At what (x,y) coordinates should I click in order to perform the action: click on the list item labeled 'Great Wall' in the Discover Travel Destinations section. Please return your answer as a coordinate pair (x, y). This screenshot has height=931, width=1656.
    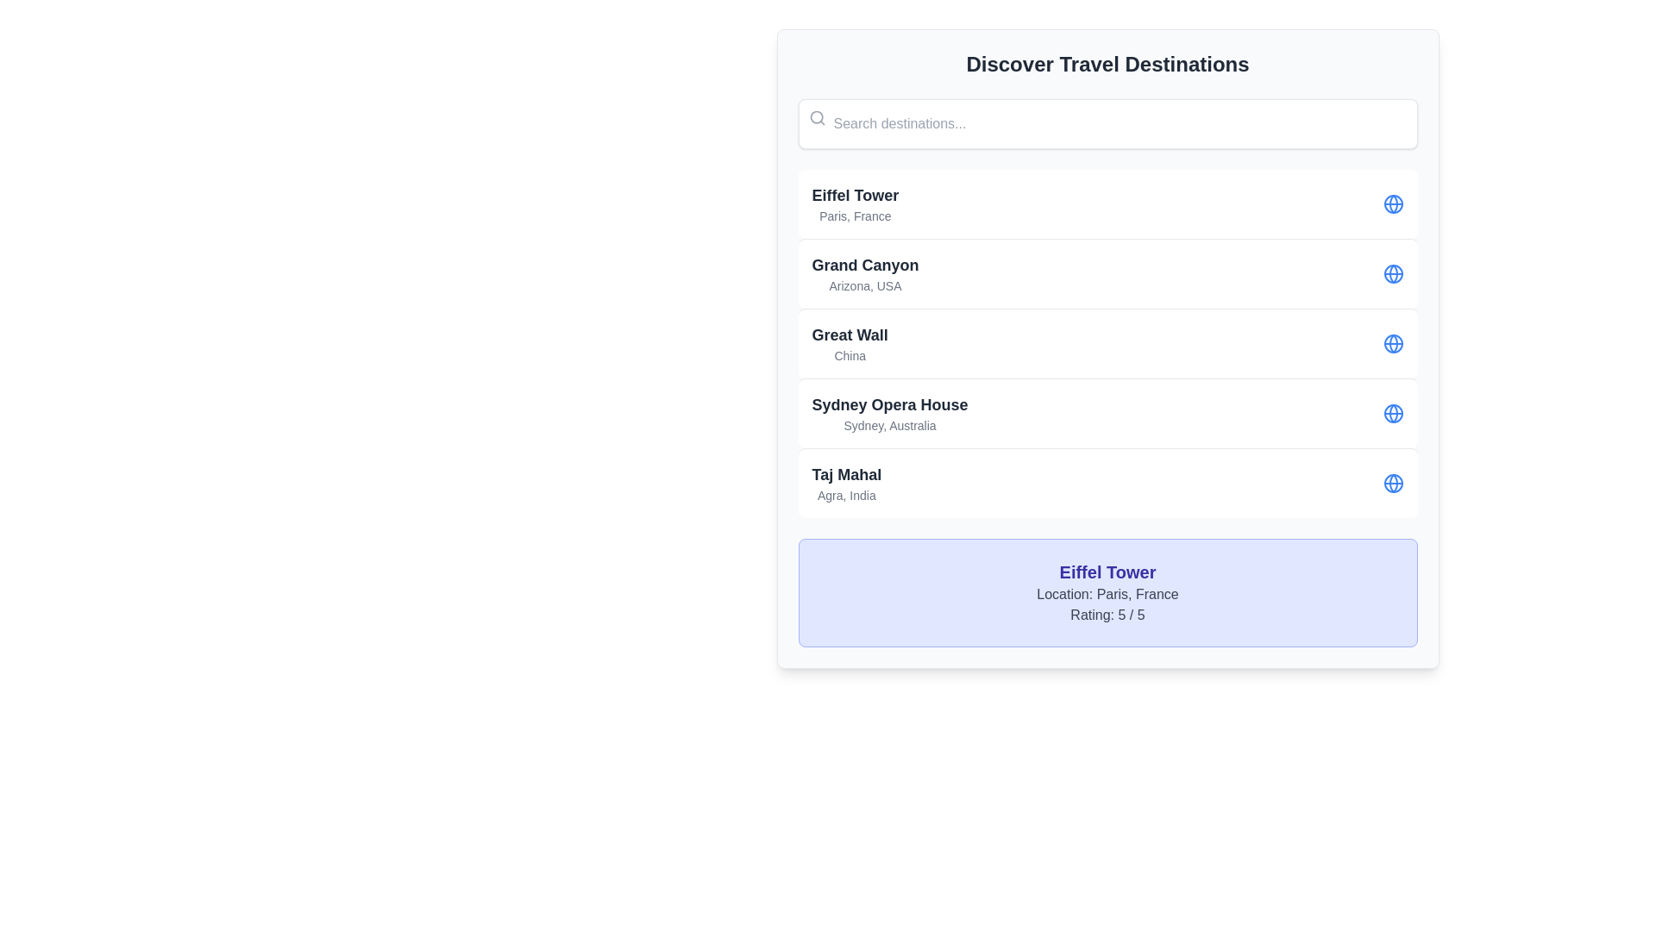
    Looking at the image, I should click on (1107, 343).